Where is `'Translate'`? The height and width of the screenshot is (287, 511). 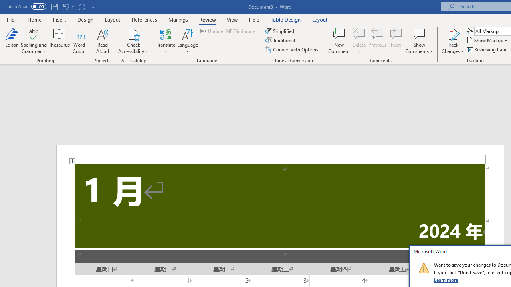 'Translate' is located at coordinates (166, 41).